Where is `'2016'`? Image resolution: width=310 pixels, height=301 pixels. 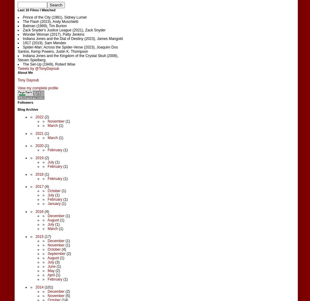 '2016' is located at coordinates (40, 211).